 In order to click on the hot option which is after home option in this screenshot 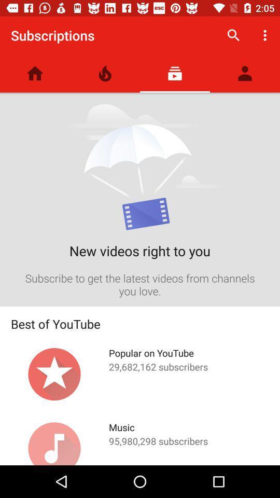, I will do `click(105, 73)`.